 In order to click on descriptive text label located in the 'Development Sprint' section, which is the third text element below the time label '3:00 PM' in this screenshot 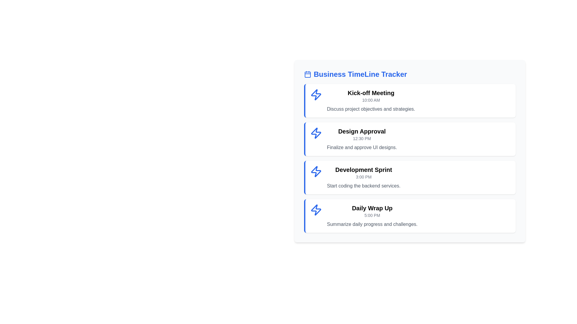, I will do `click(363, 186)`.